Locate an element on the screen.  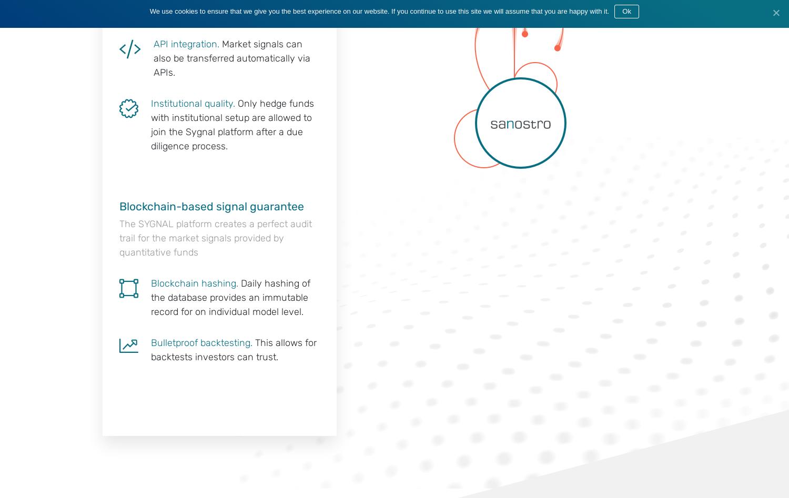
'Daily hashing of the database provides an immutable record for on individual model level.' is located at coordinates (150, 297).